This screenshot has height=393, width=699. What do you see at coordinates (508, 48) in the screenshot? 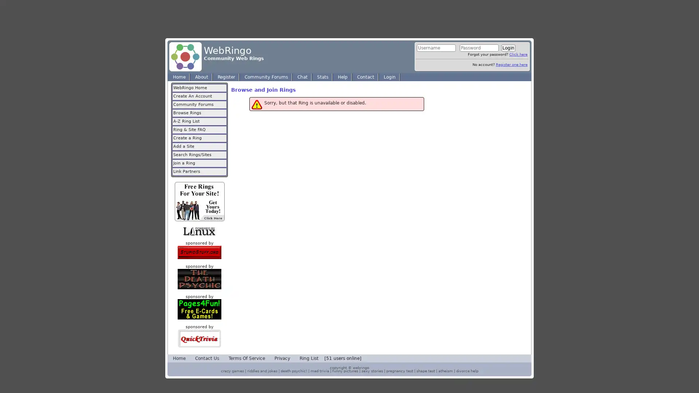
I see `Login` at bounding box center [508, 48].